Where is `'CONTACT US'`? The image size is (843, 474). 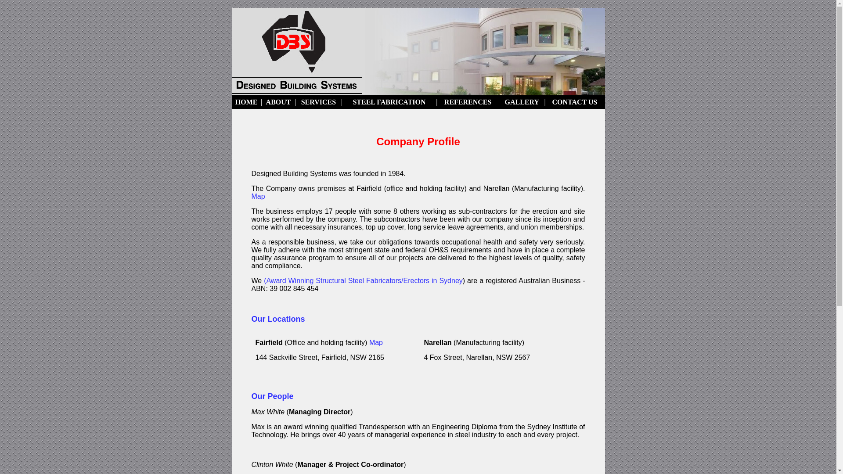 'CONTACT US' is located at coordinates (574, 101).